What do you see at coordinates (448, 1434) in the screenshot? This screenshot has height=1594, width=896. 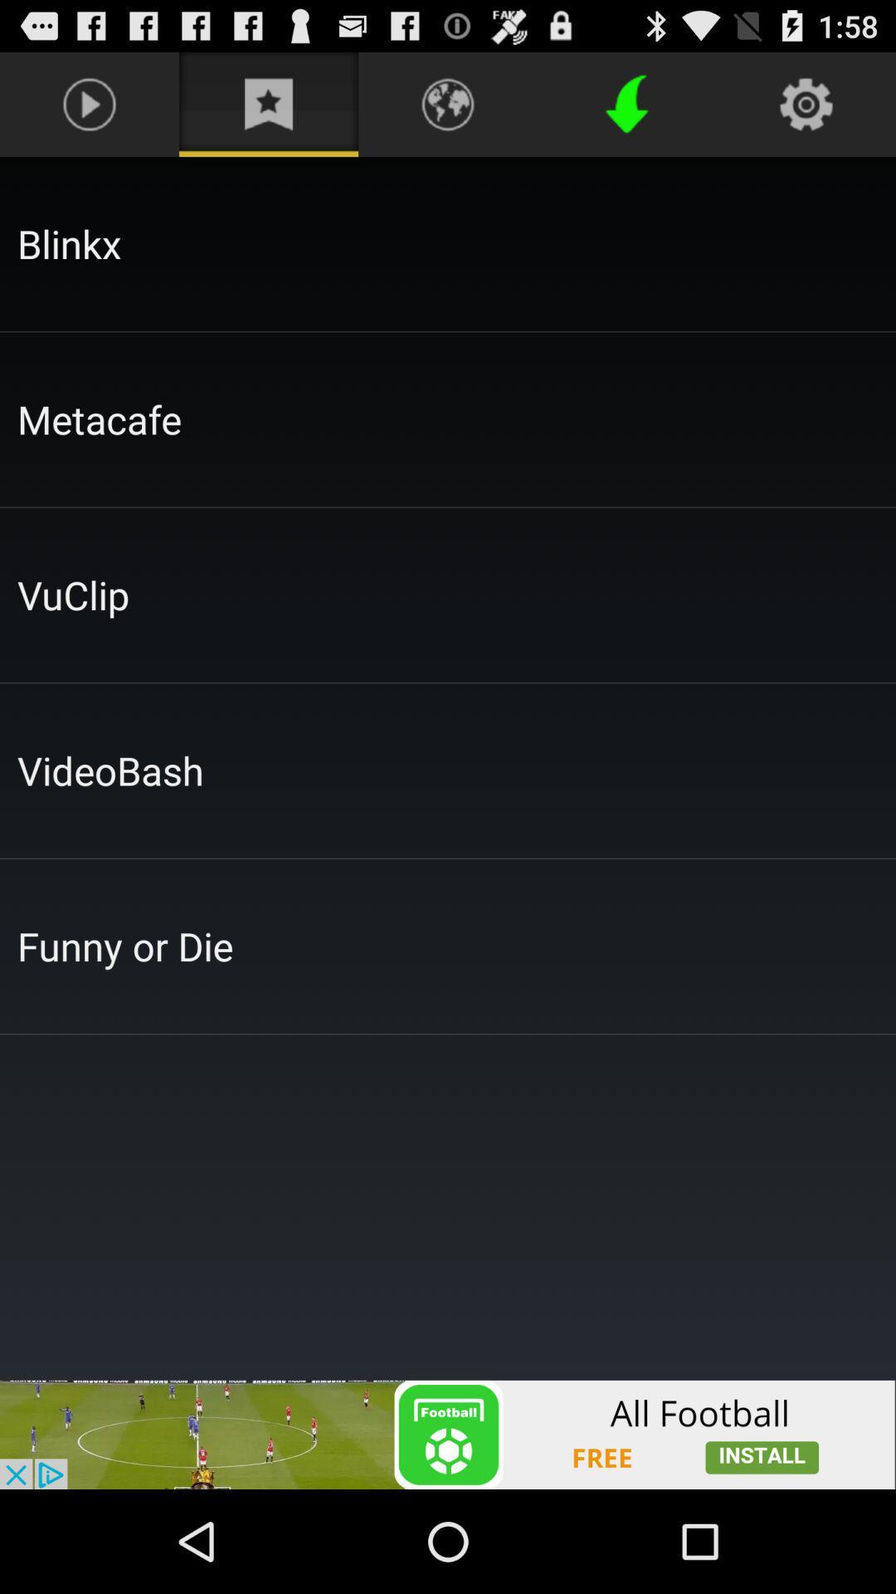 I see `switch autoplay option` at bounding box center [448, 1434].